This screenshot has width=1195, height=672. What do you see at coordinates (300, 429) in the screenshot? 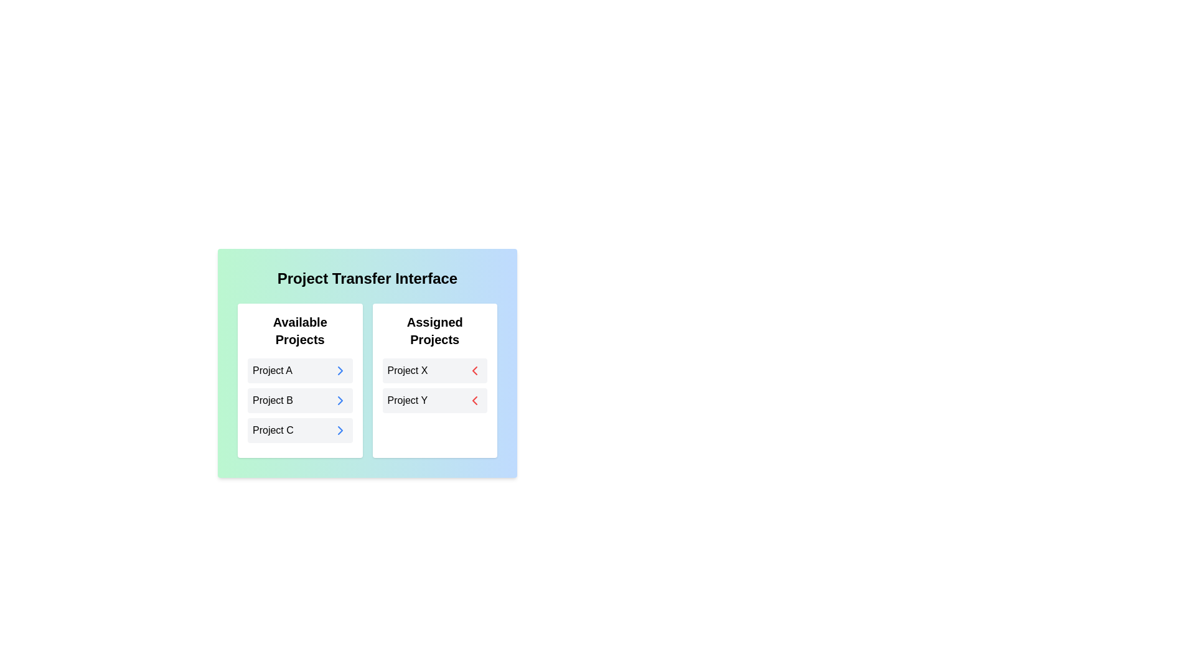
I see `text content of the list item labeled 'Project C', which is the third item in the 'Available Projects' section` at bounding box center [300, 429].